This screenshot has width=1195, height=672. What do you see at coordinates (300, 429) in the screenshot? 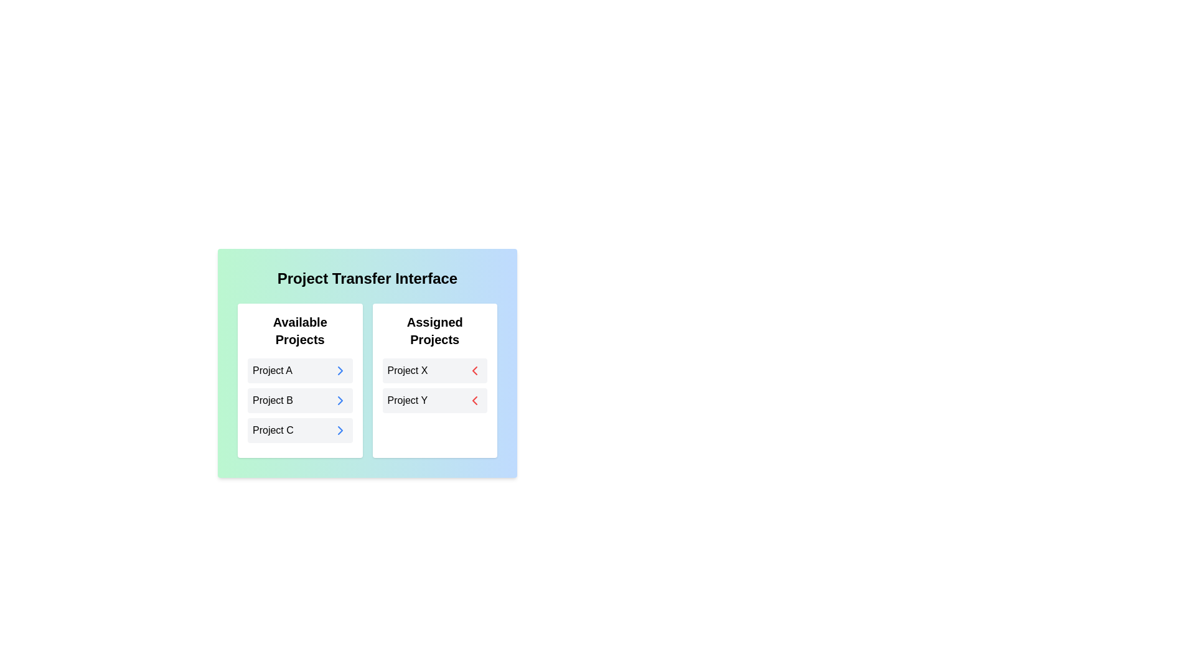
I see `text content of the list item labeled 'Project C', which is the third item in the 'Available Projects' section` at bounding box center [300, 429].